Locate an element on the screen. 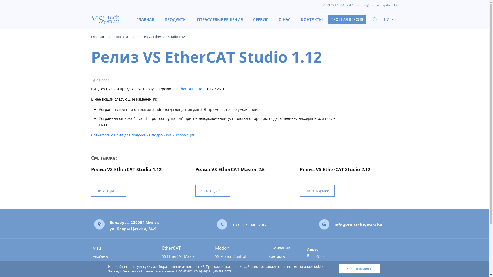 This screenshot has height=277, width=493. 'VS Motion Proxy' is located at coordinates (235, 265).